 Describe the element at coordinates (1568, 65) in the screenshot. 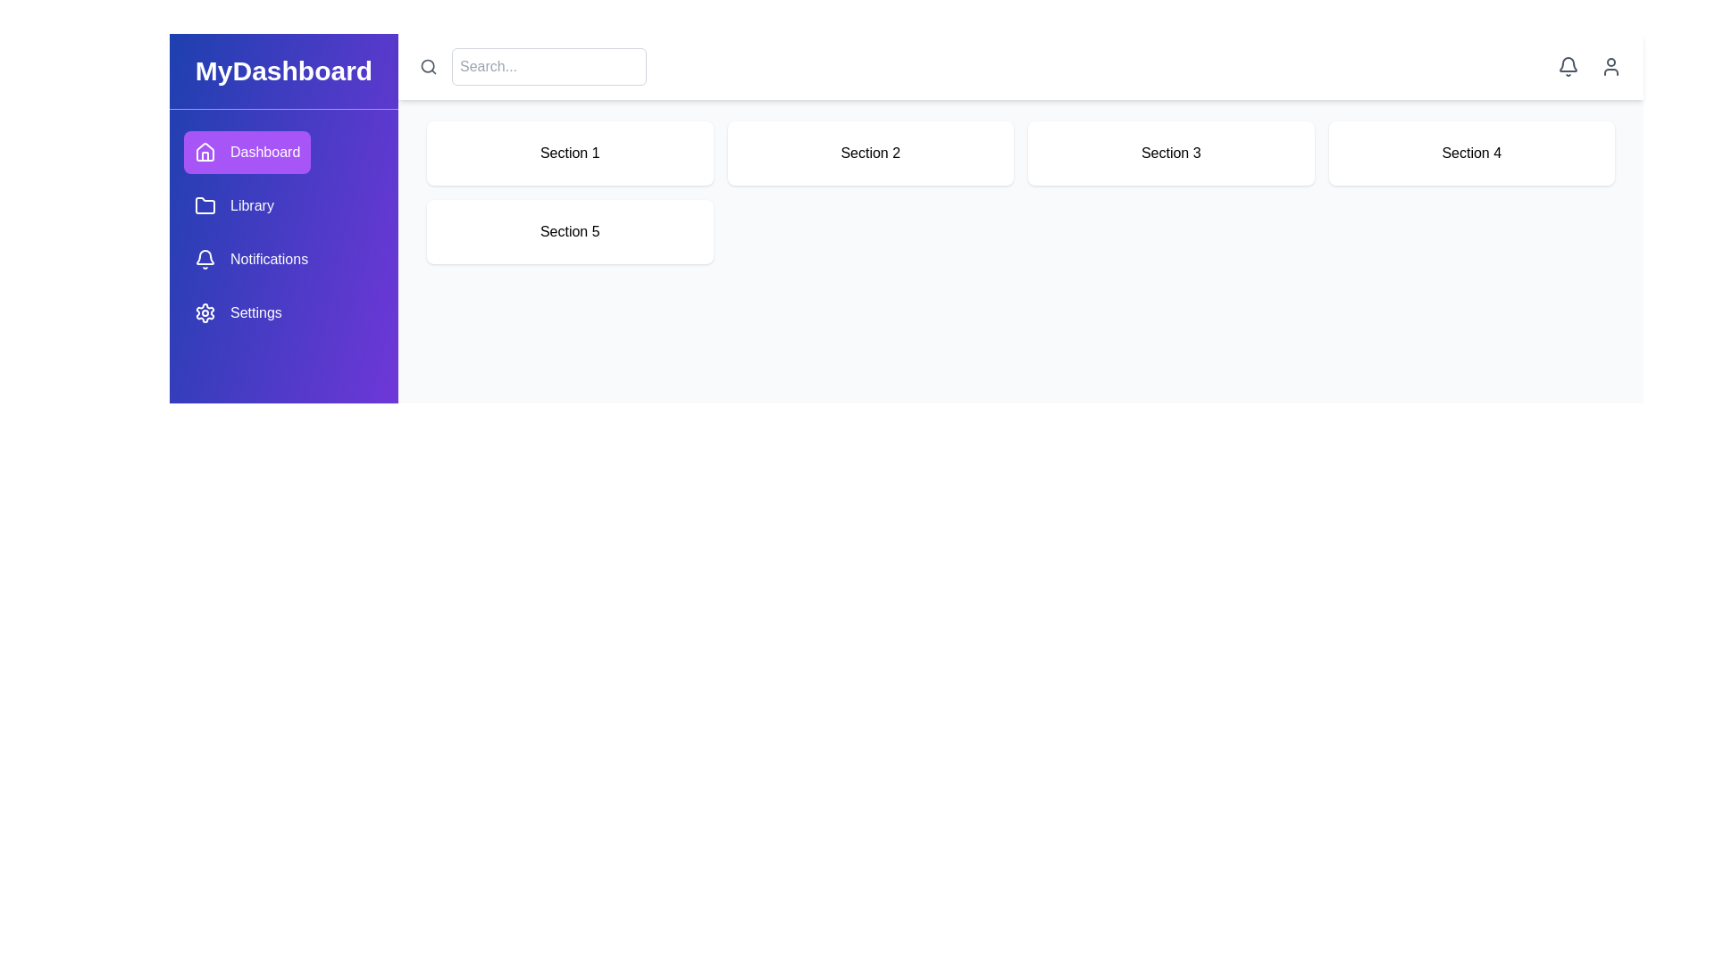

I see `the notification bell icon located at the right end of the top navigation bar` at that location.